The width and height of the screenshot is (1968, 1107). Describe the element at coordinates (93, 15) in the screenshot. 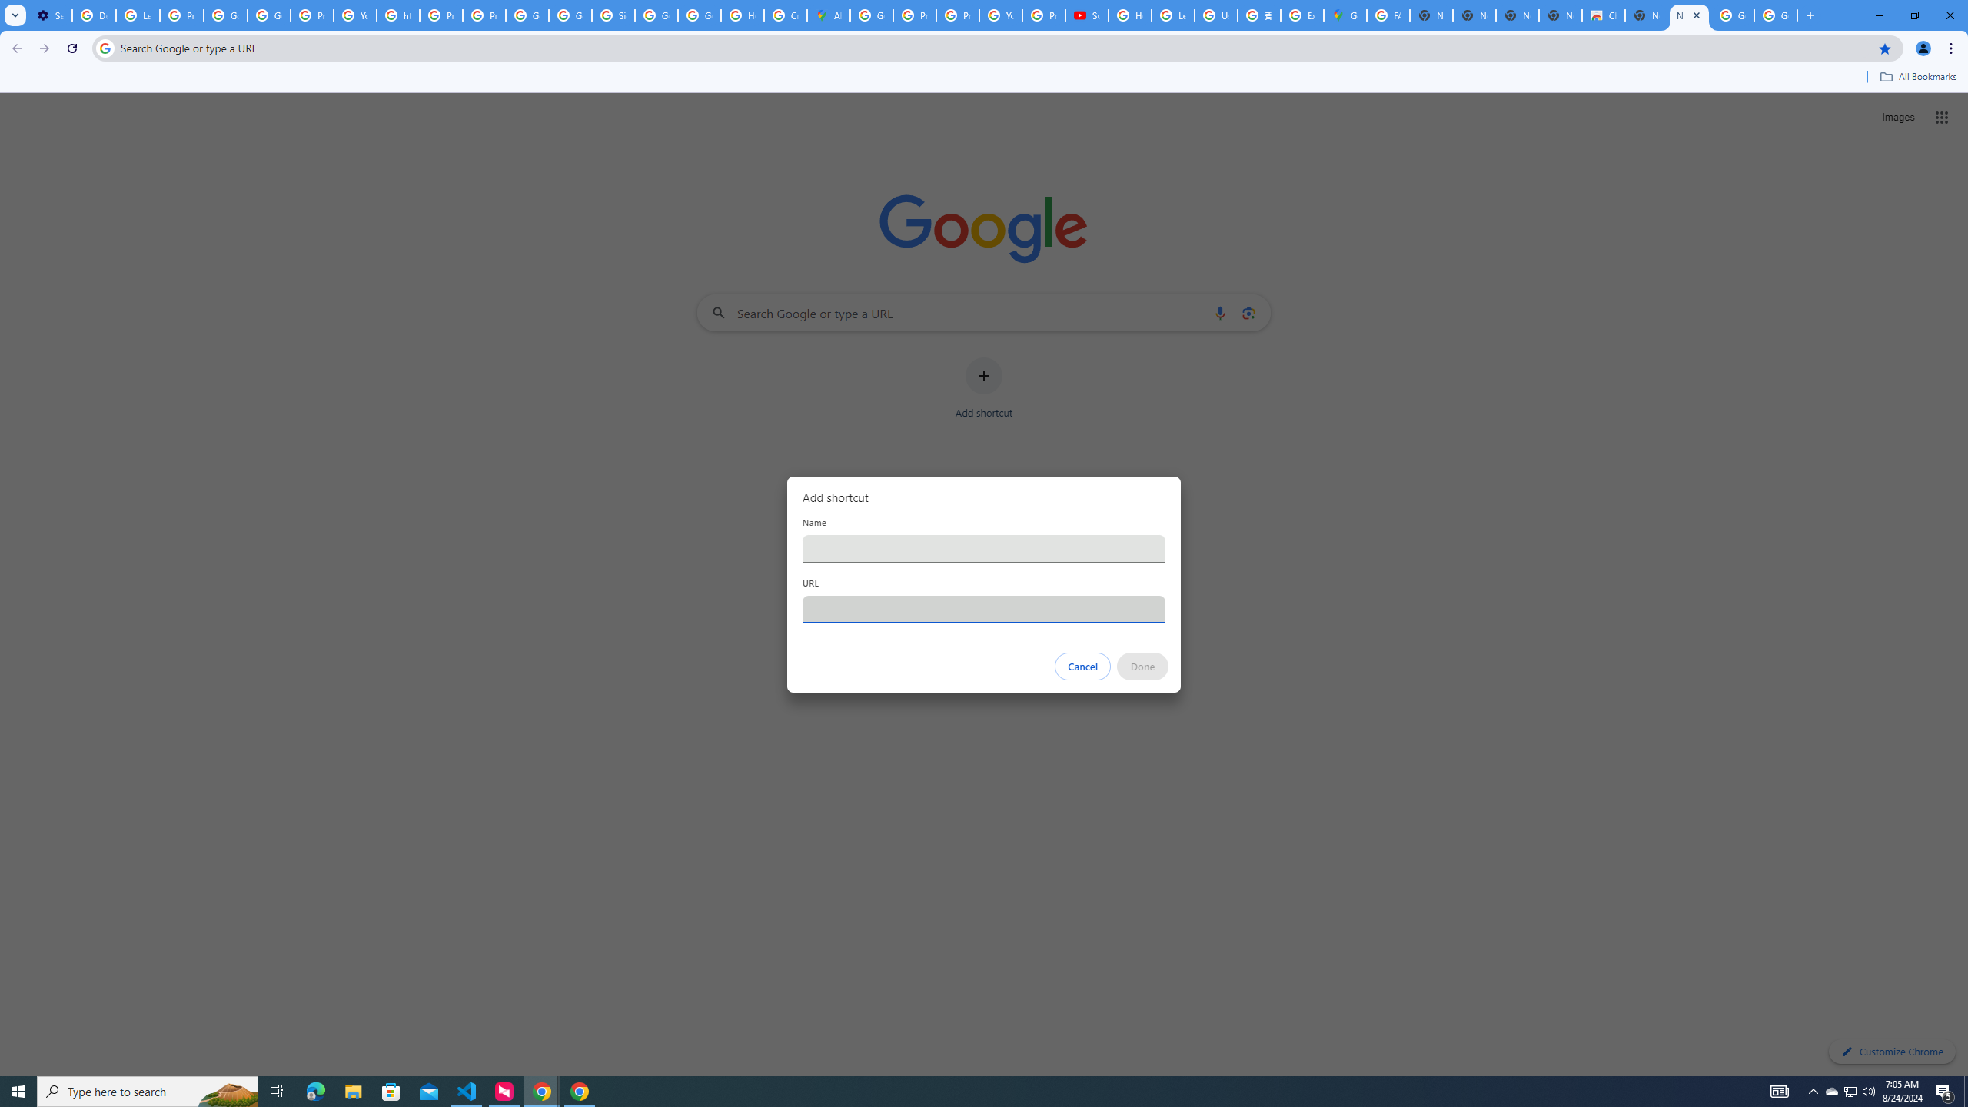

I see `'Delete photos & videos - Computer - Google Photos Help'` at that location.